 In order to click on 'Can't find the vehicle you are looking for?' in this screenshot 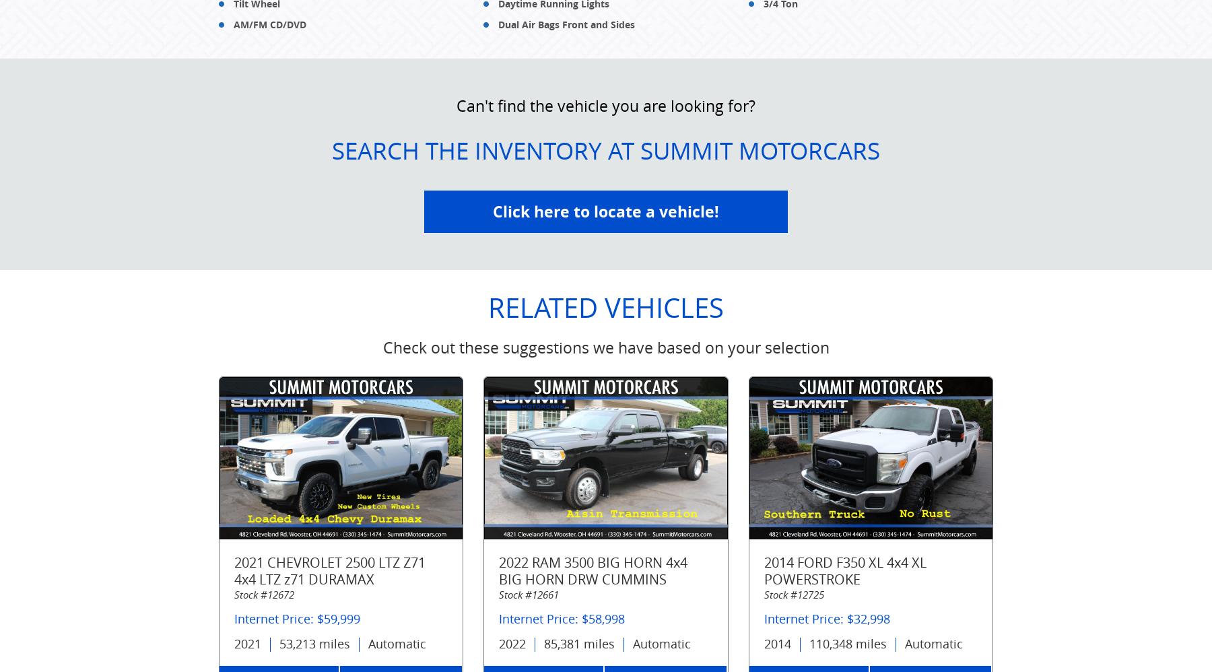, I will do `click(606, 104)`.